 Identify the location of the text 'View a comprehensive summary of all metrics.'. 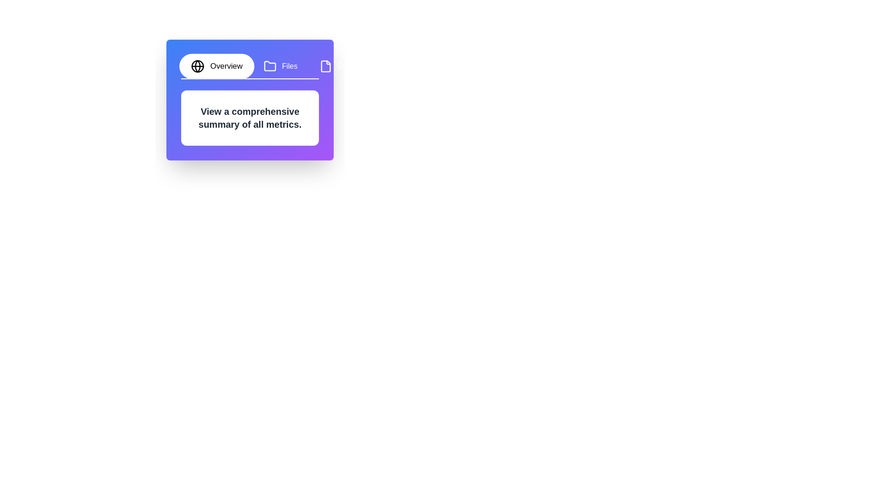
(195, 104).